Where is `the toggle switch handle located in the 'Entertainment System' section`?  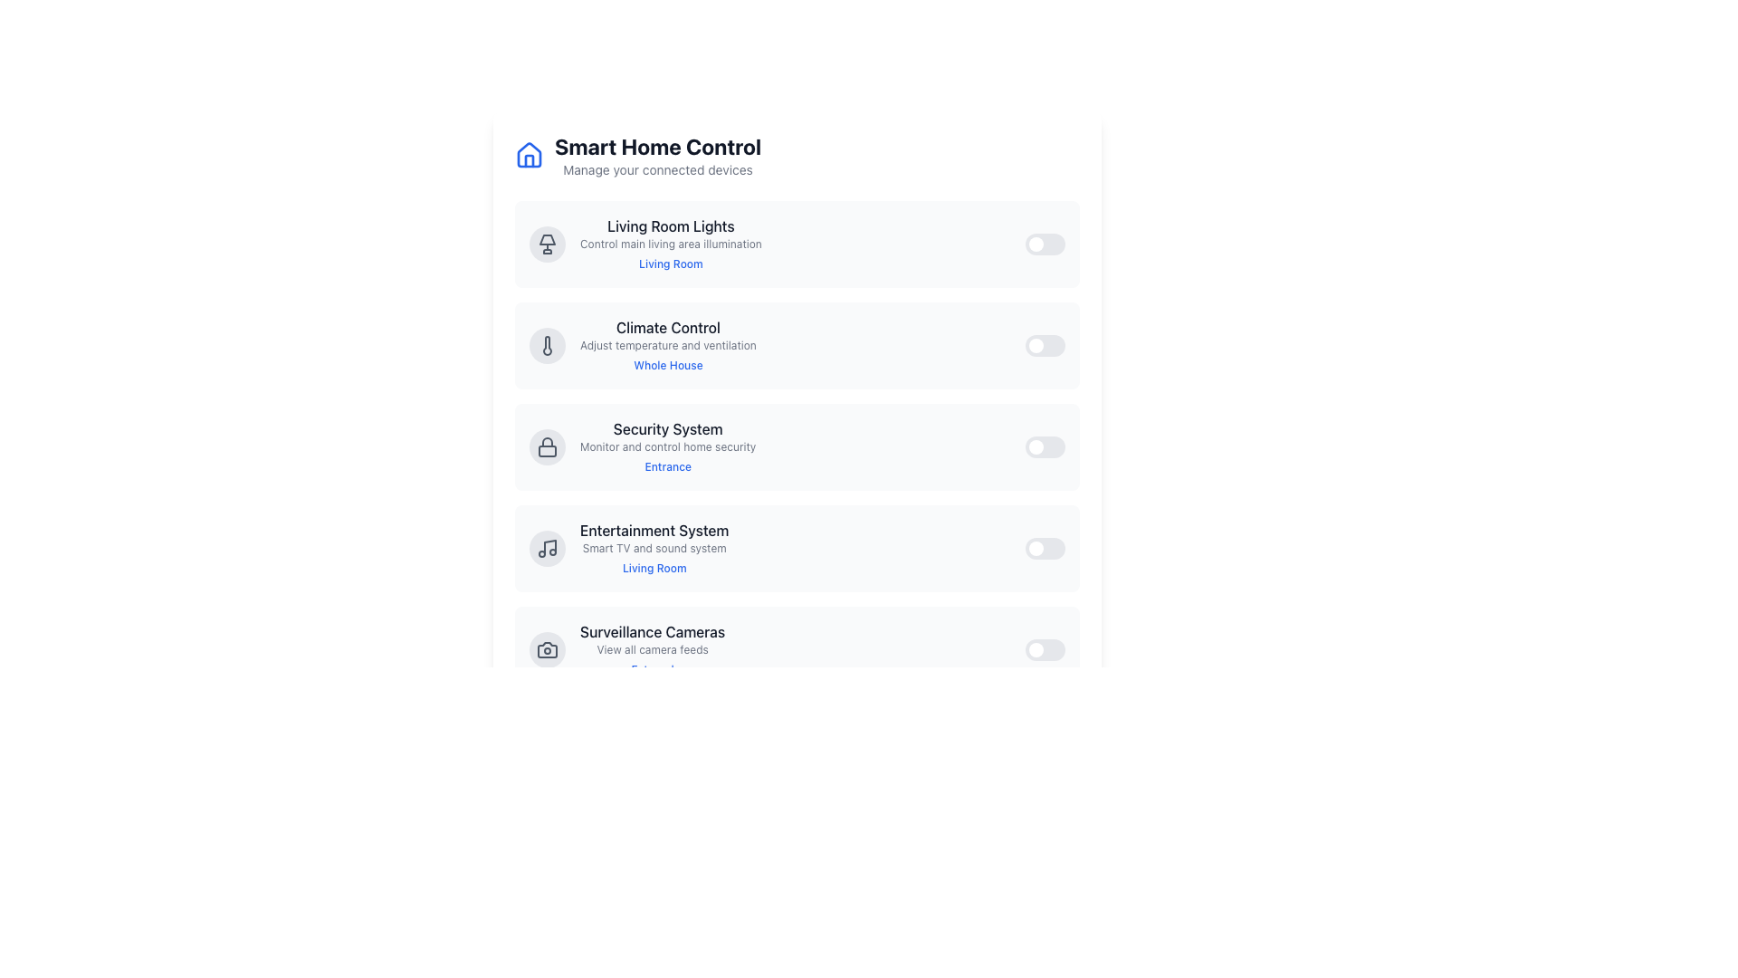
the toggle switch handle located in the 'Entertainment System' section is located at coordinates (1036, 547).